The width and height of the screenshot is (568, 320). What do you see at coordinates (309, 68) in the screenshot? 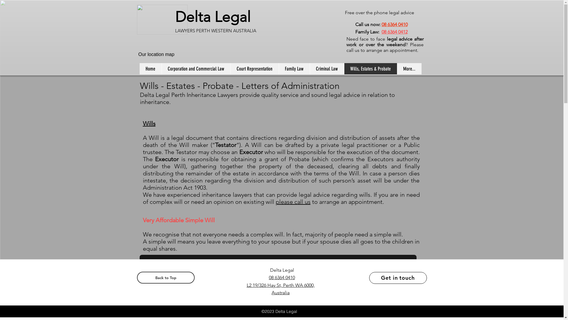
I see `'Criminal Law'` at bounding box center [309, 68].